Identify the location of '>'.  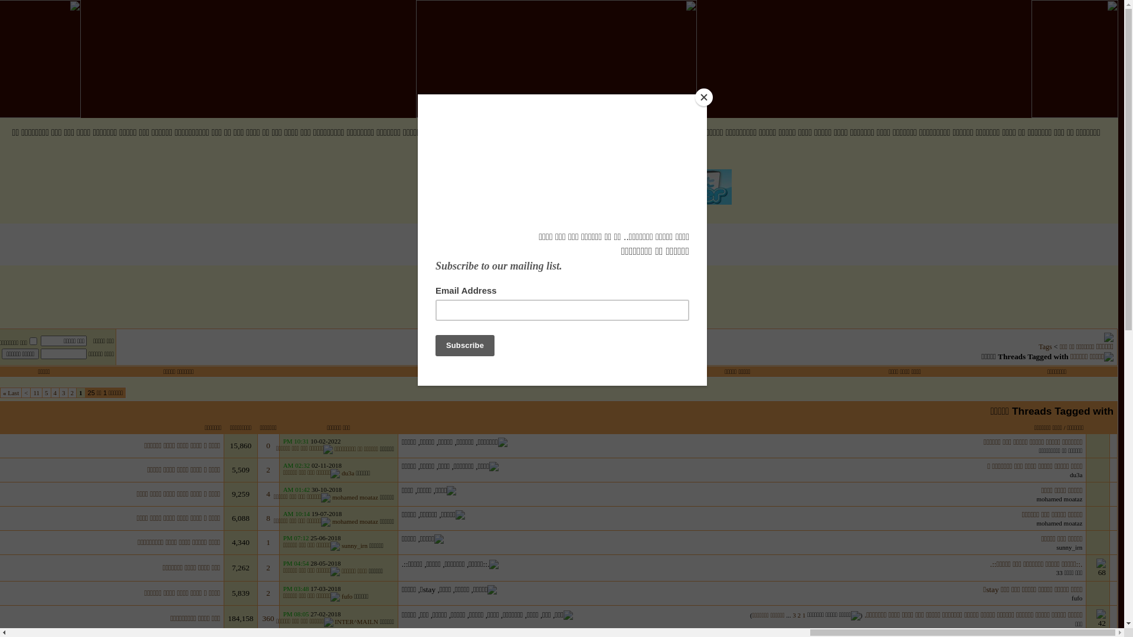
(24, 393).